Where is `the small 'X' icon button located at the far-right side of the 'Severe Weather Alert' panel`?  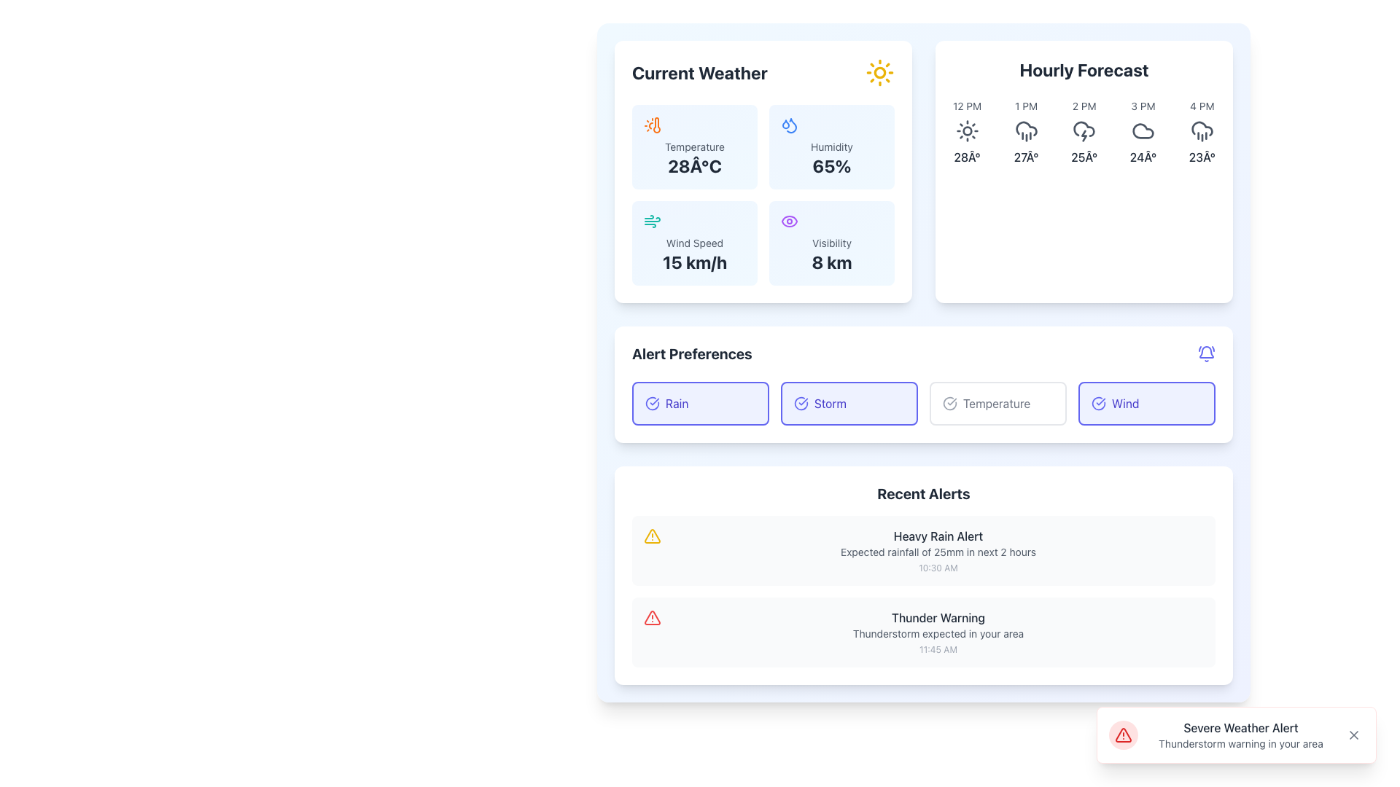
the small 'X' icon button located at the far-right side of the 'Severe Weather Alert' panel is located at coordinates (1353, 735).